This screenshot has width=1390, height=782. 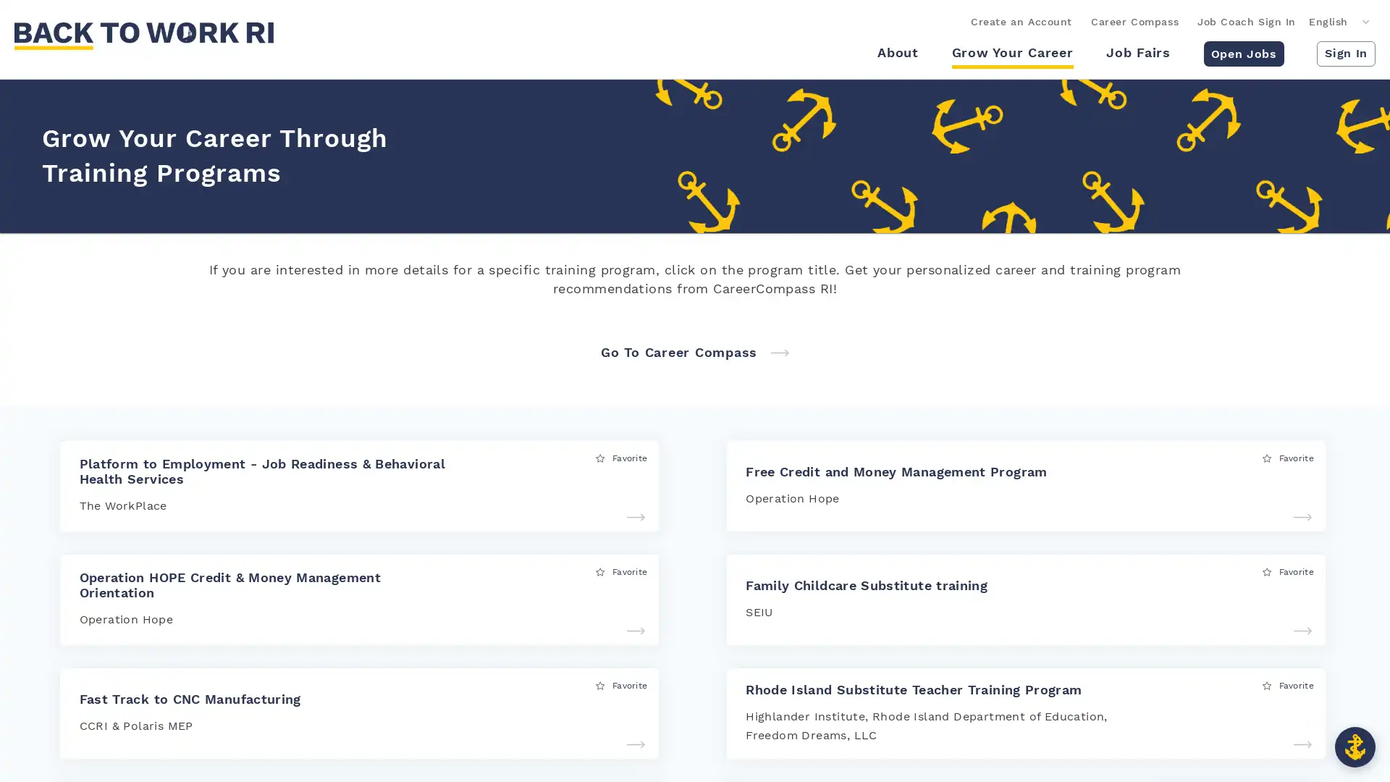 I want to click on not favorite Favorite, so click(x=1288, y=458).